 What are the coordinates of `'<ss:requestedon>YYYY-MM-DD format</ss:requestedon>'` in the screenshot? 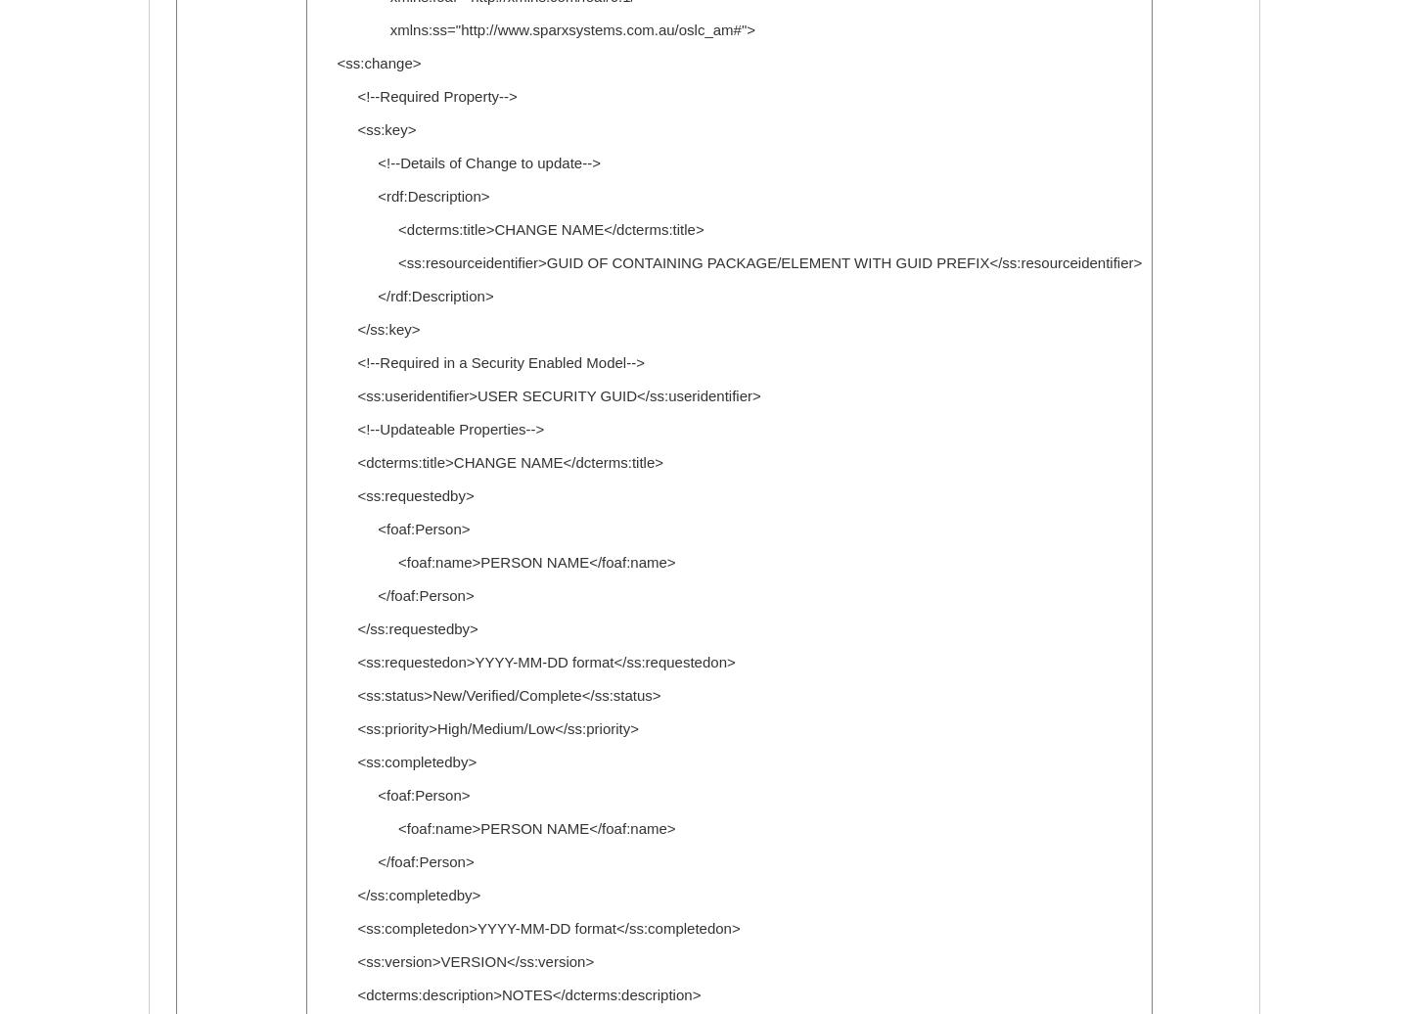 It's located at (523, 662).